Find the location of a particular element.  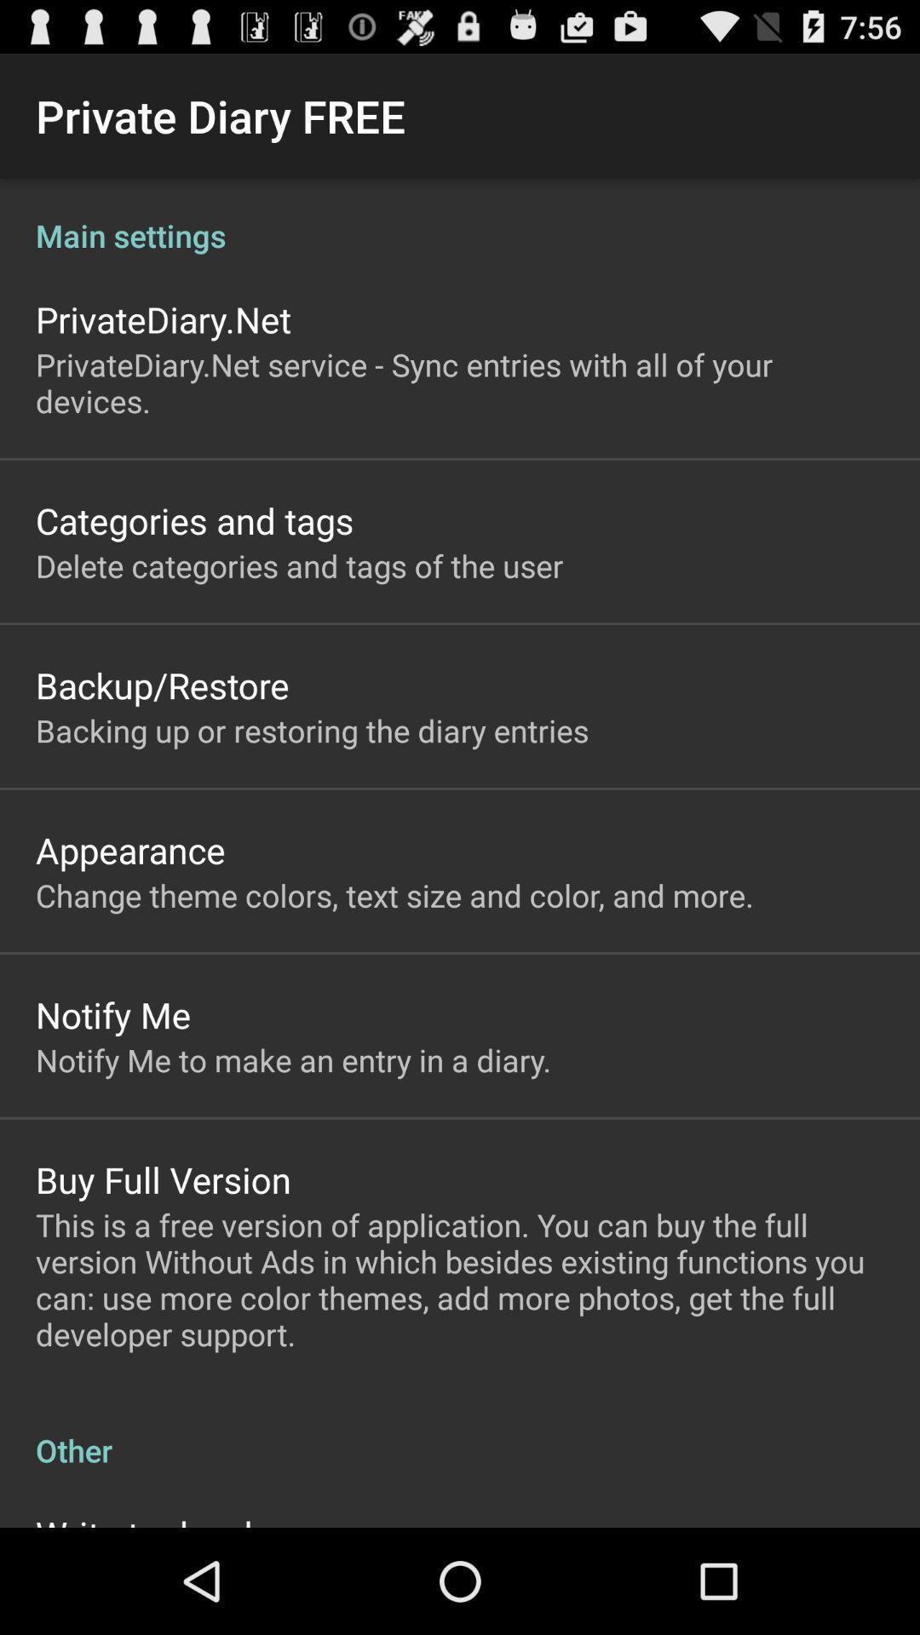

the icon below delete categories and item is located at coordinates (162, 685).